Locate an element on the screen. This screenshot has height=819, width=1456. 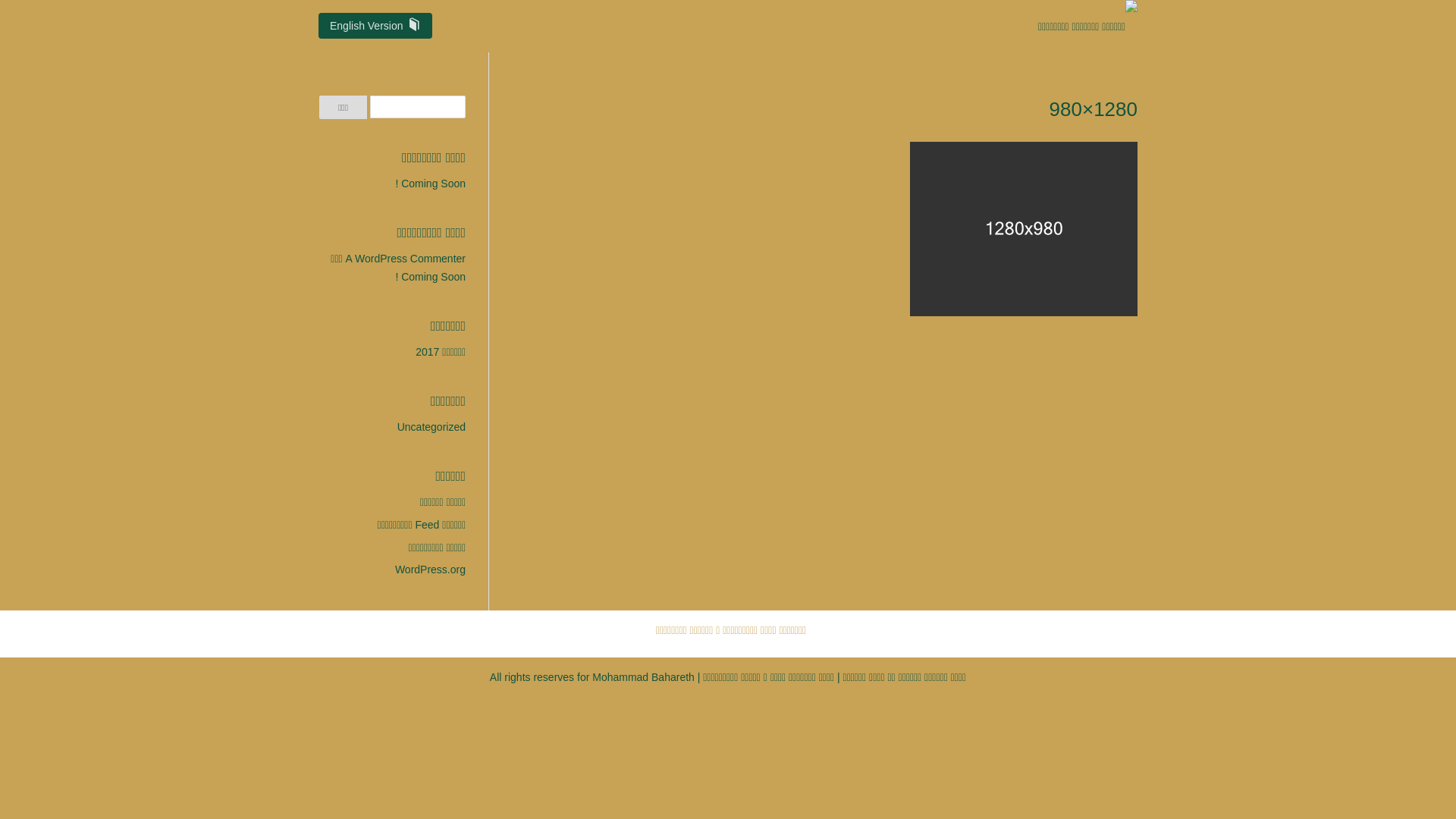
'A WordPress Commenter' is located at coordinates (405, 257).